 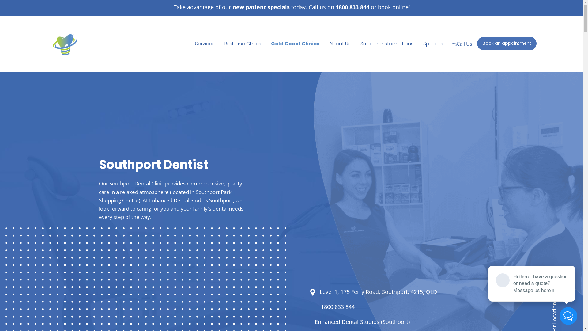 What do you see at coordinates (386, 43) in the screenshot?
I see `'Smile Transformations'` at bounding box center [386, 43].